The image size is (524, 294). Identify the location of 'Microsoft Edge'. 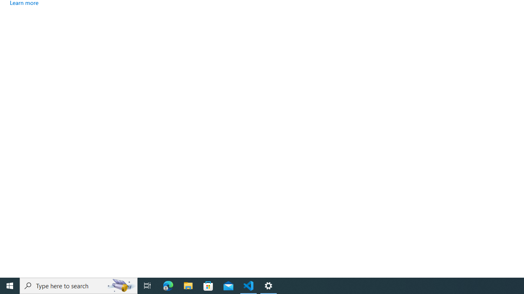
(168, 285).